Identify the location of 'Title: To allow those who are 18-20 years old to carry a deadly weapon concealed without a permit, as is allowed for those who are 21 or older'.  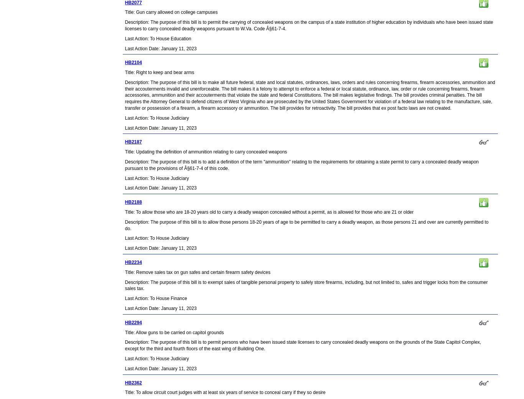
(269, 211).